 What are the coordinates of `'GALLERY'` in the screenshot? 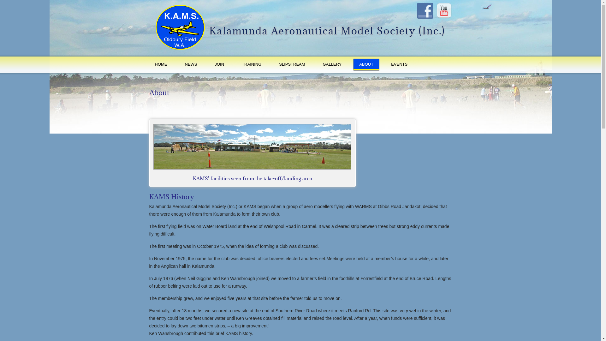 It's located at (317, 64).